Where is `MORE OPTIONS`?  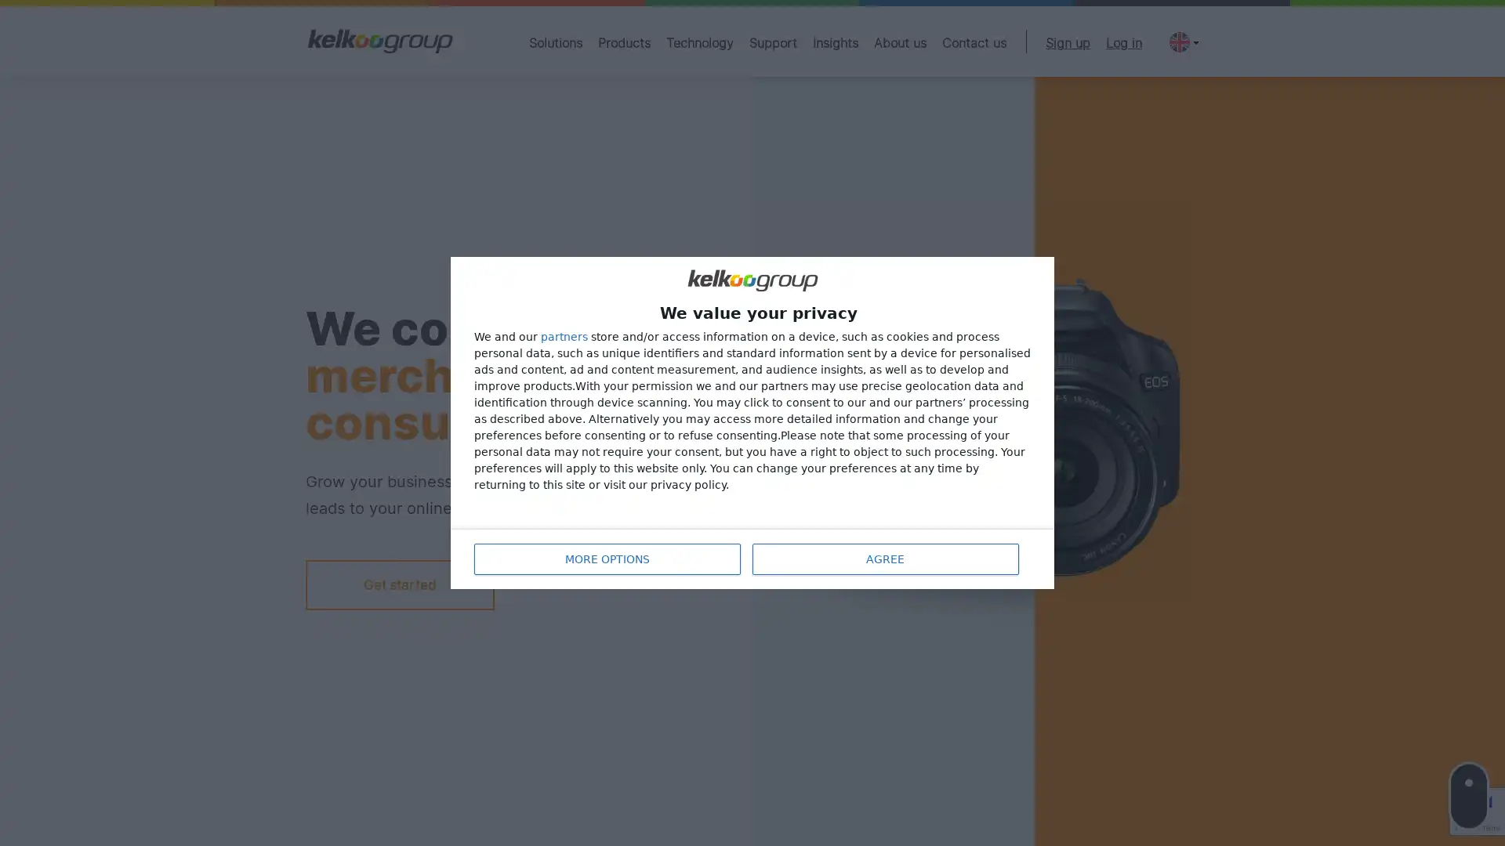
MORE OPTIONS is located at coordinates (606, 558).